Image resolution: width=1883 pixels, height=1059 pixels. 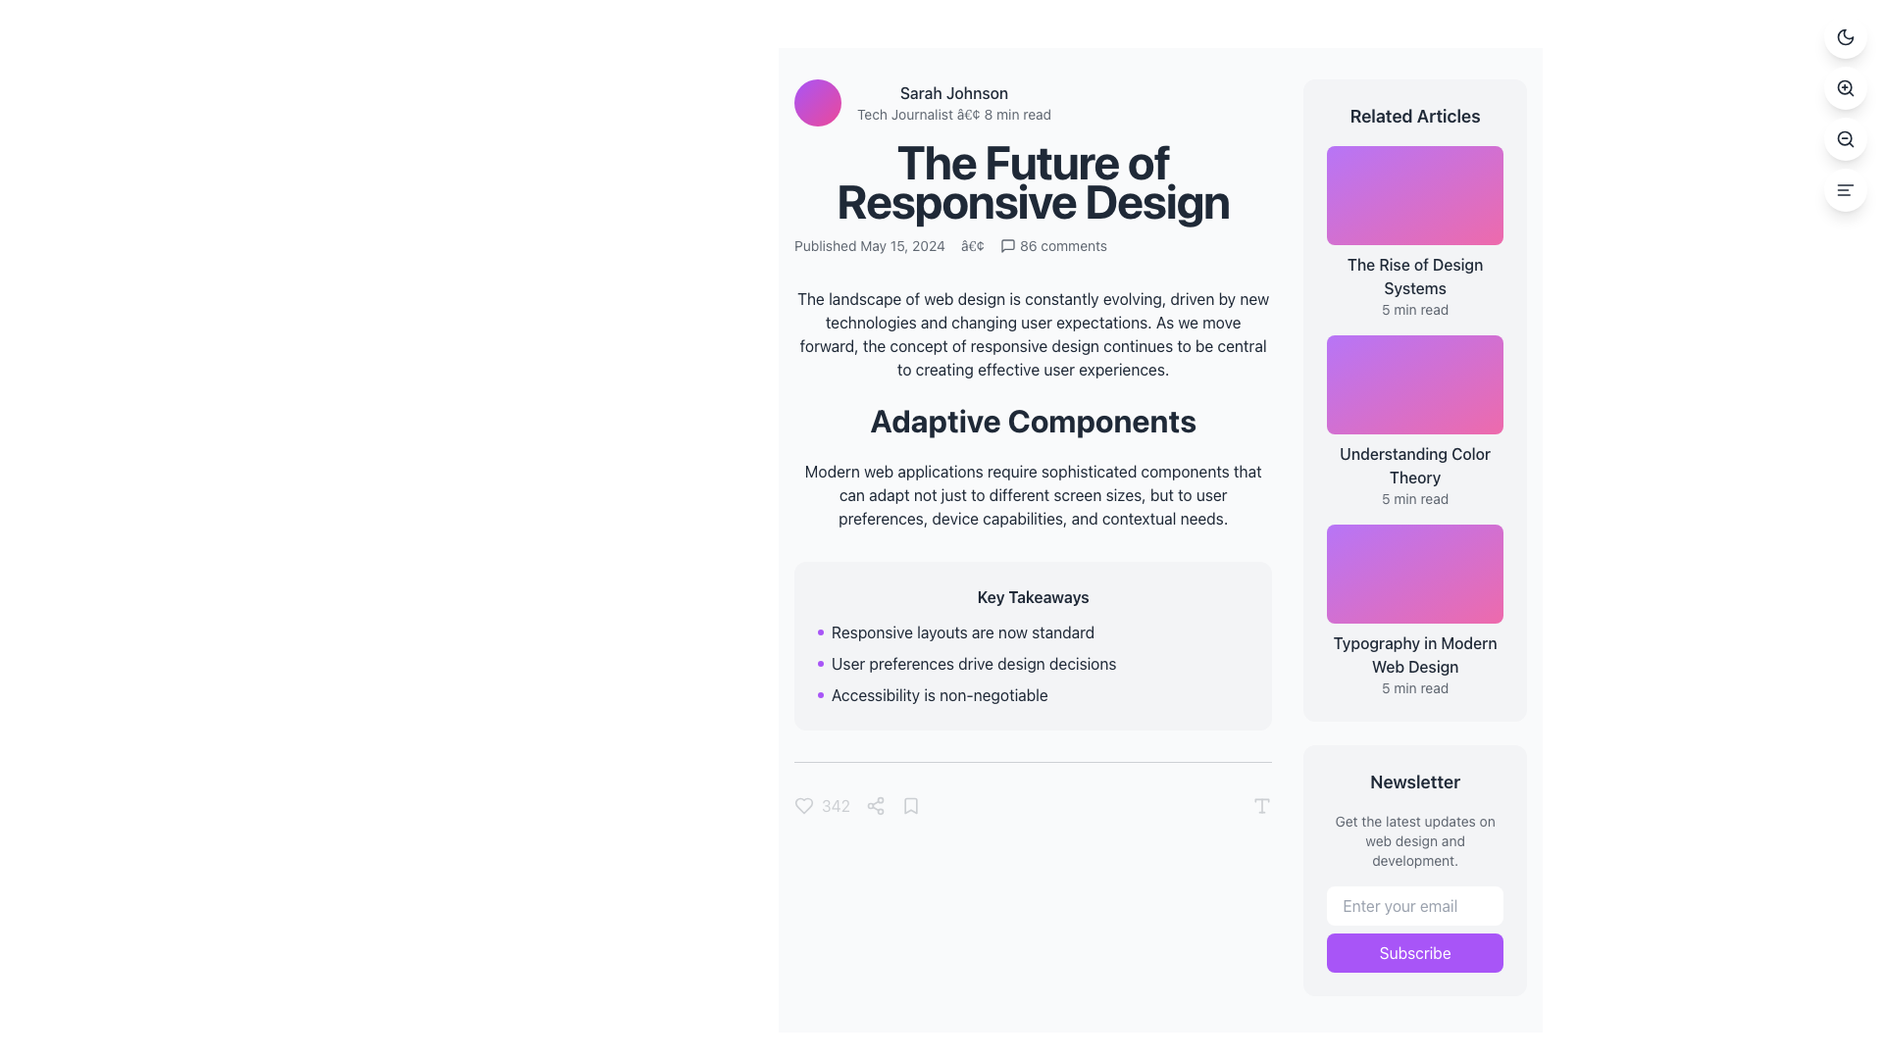 What do you see at coordinates (954, 102) in the screenshot?
I see `the author's name 'Sarah Johnson' in the text block` at bounding box center [954, 102].